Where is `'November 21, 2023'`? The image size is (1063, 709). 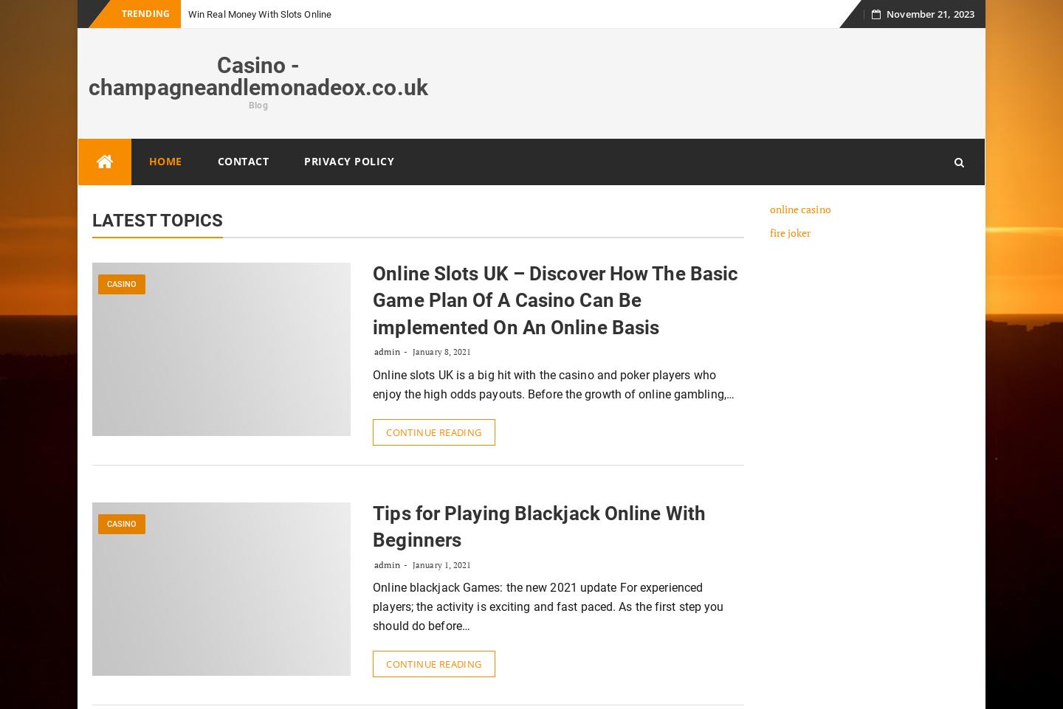 'November 21, 2023' is located at coordinates (929, 13).